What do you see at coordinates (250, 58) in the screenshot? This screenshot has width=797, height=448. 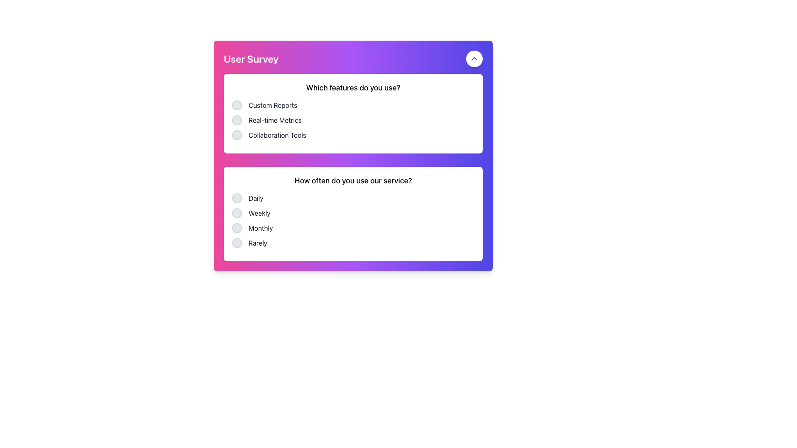 I see `the title text element at the top-left corner of the survey form for accessibility purposes` at bounding box center [250, 58].